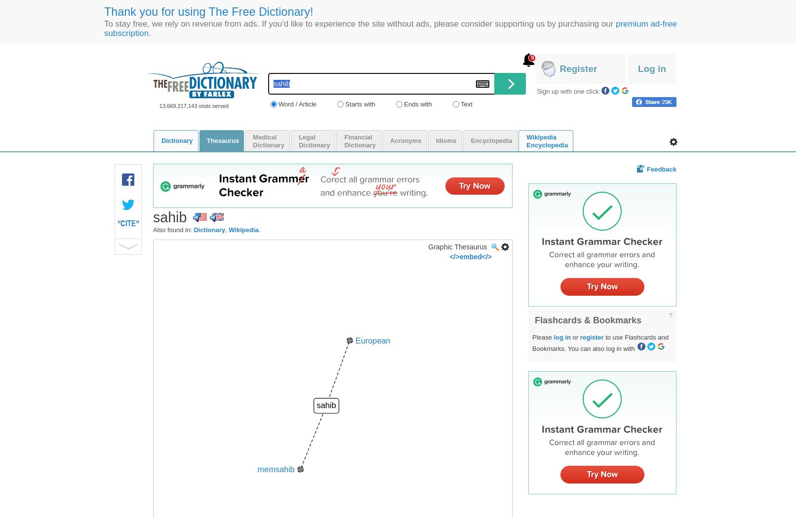  Describe the element at coordinates (532, 57) in the screenshot. I see `'9'` at that location.